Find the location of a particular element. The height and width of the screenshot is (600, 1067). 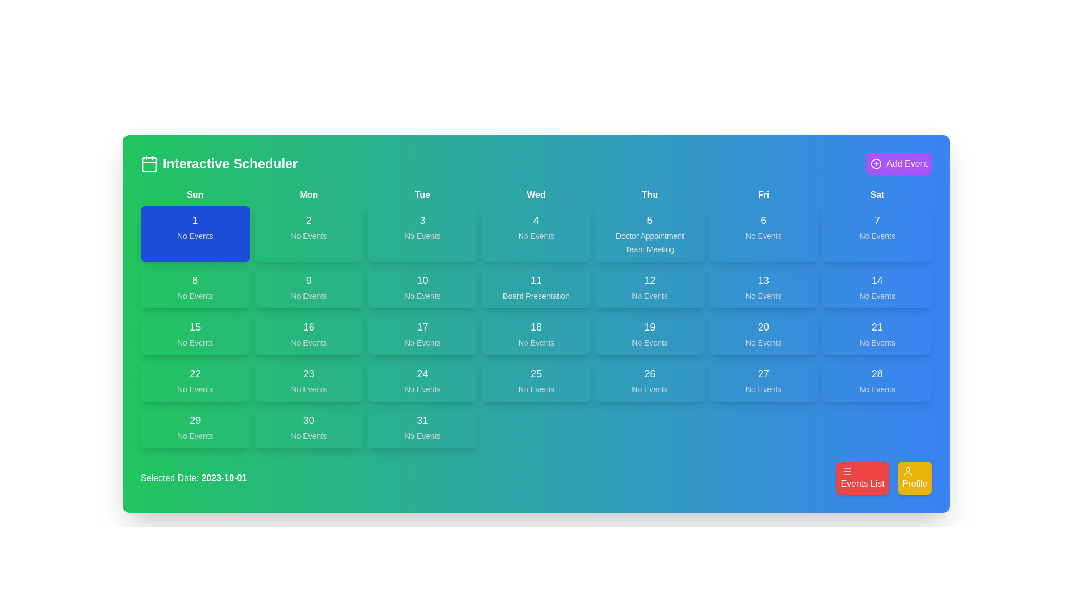

the text label indicating that no events are scheduled, located in the bottom section of the cell labeled '15' in the calendar is located at coordinates (195, 342).